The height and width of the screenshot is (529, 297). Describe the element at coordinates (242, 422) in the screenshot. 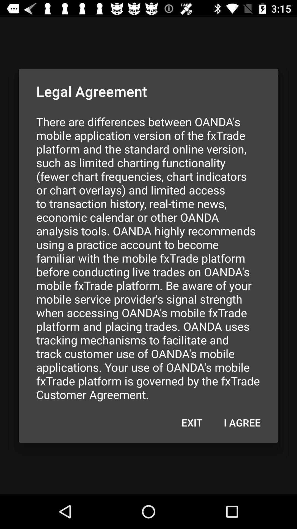

I see `the button to the right of exit icon` at that location.